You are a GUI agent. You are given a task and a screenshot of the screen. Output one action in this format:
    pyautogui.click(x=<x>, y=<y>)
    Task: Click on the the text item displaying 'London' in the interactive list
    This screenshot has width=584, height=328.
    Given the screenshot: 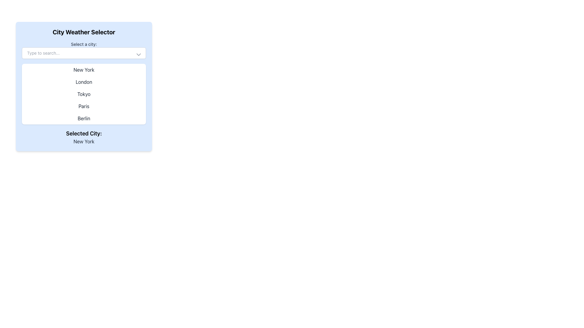 What is the action you would take?
    pyautogui.click(x=83, y=82)
    